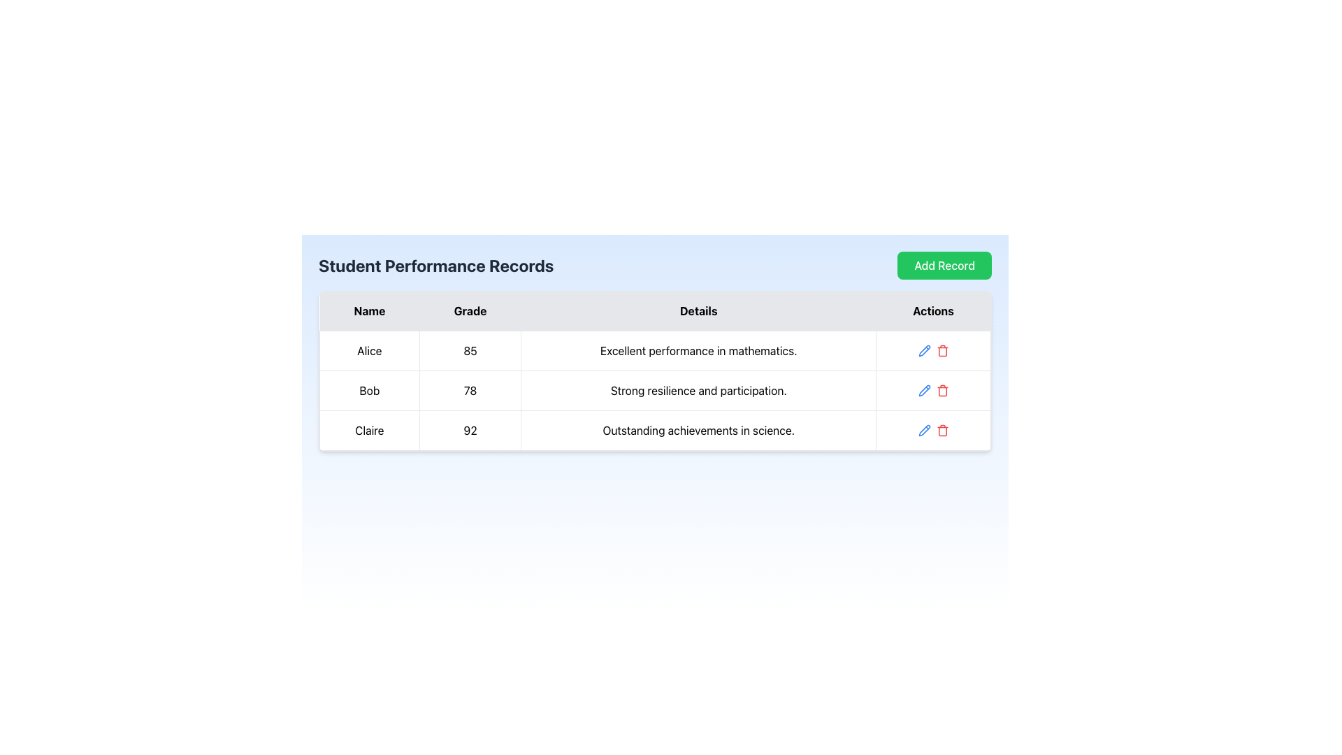 This screenshot has height=755, width=1342. What do you see at coordinates (470, 430) in the screenshot?
I see `the static text field displaying 'Claire's' grade in the table, which is the second item in its row and located in the 'Grade' column` at bounding box center [470, 430].